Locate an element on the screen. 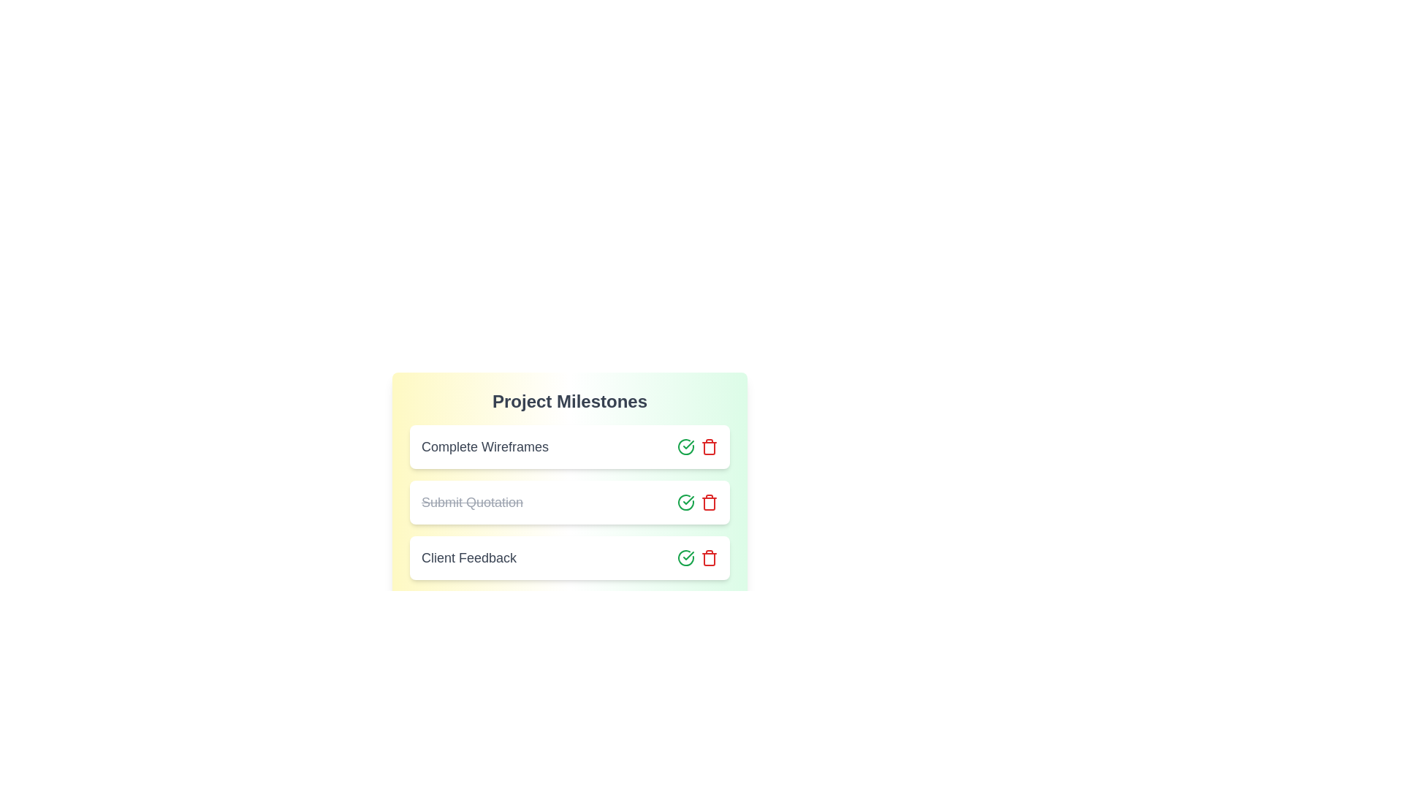  the delete button for the task 'Submit Quotation' is located at coordinates (709, 501).